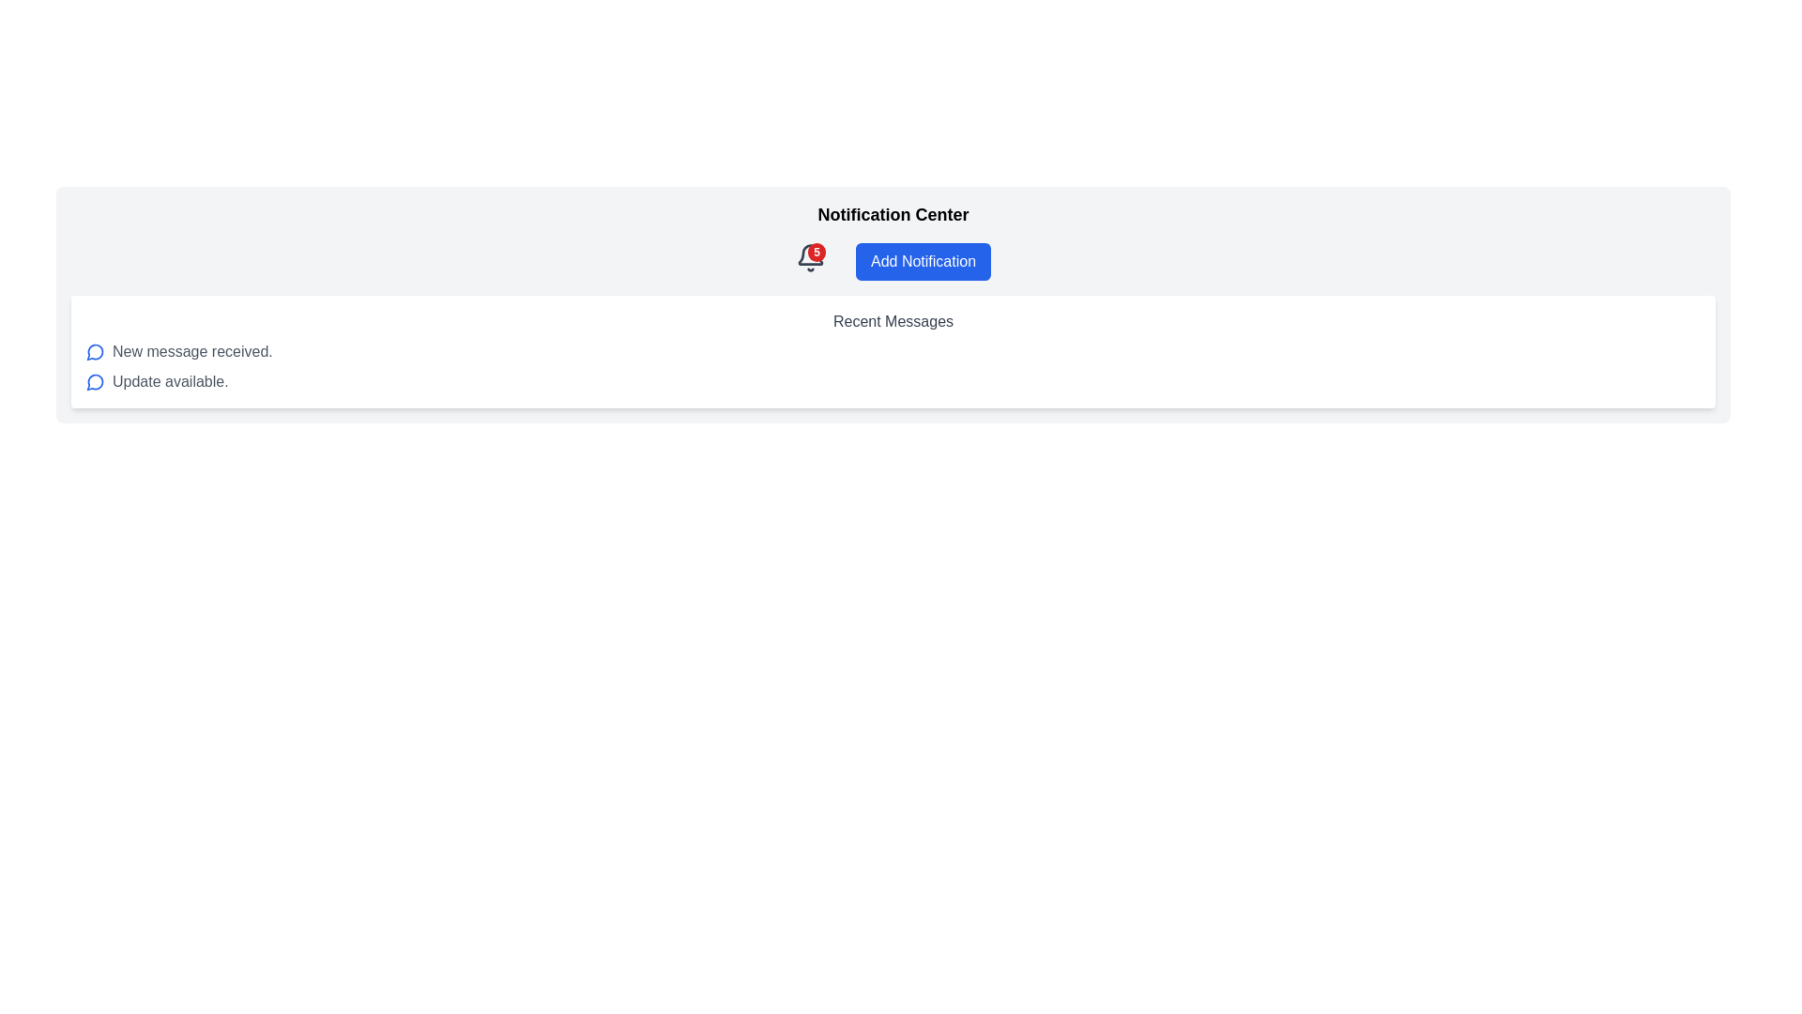 Image resolution: width=1802 pixels, height=1014 pixels. What do you see at coordinates (817, 252) in the screenshot?
I see `the displayed number on the red circular Notification badge showing '5' at the top-right corner of the notification bell icon` at bounding box center [817, 252].